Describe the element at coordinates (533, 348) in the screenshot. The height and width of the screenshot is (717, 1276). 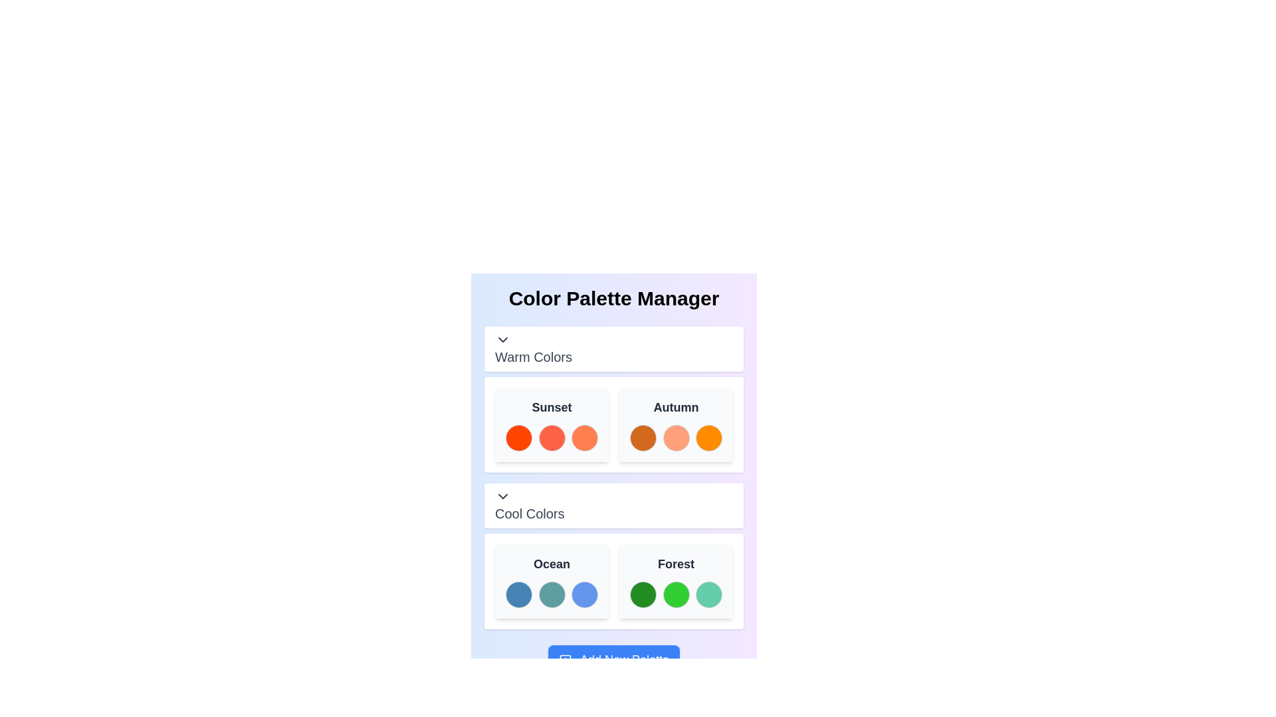
I see `the 'Warm Colors' text label which indicates the name of the active category or section` at that location.